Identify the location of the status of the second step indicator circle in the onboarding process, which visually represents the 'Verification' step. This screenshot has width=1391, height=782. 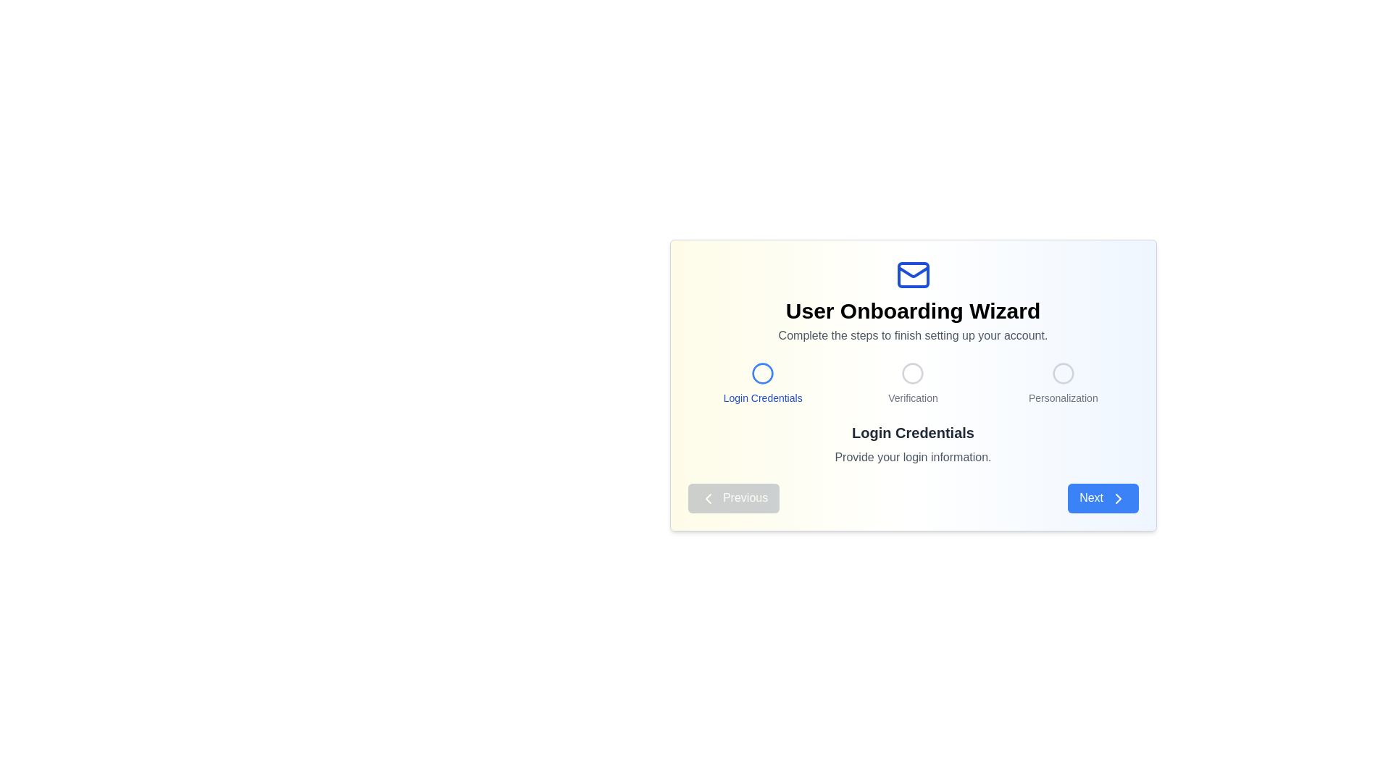
(912, 373).